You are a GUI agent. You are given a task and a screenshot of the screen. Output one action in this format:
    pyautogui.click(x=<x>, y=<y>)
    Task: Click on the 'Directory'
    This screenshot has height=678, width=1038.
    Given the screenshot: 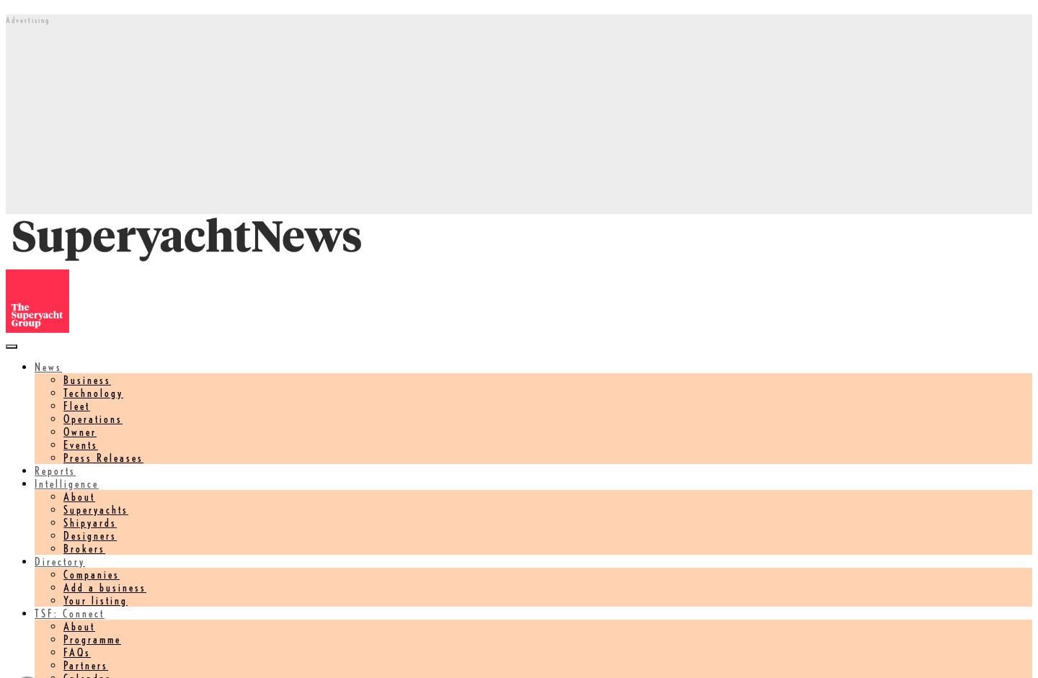 What is the action you would take?
    pyautogui.click(x=59, y=561)
    